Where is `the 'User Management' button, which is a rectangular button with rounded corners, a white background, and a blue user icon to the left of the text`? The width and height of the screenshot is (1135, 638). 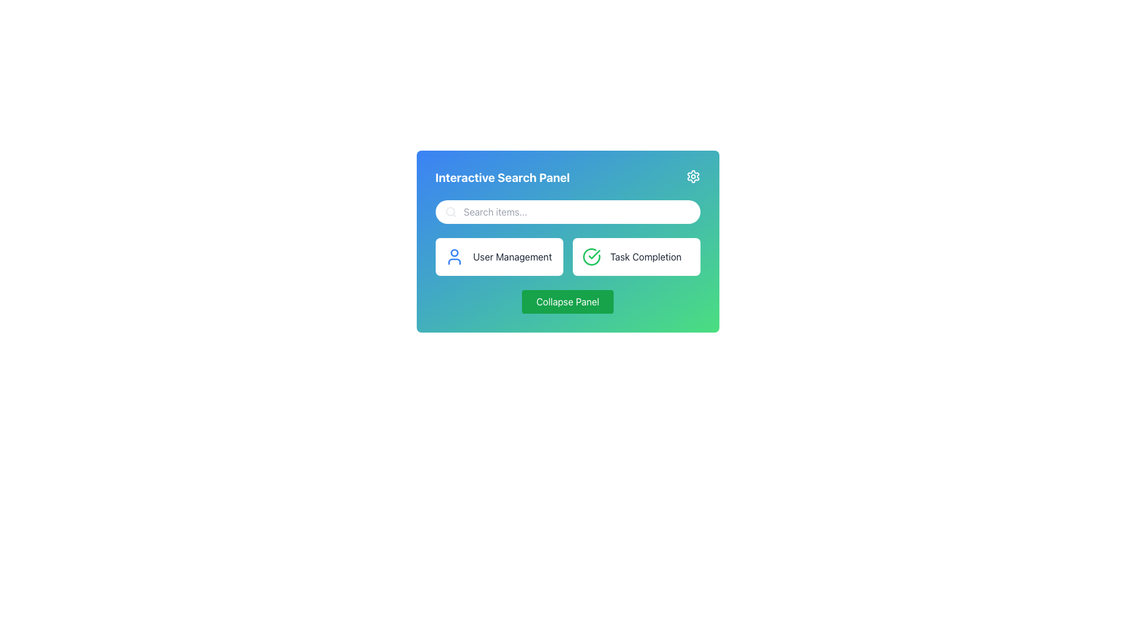 the 'User Management' button, which is a rectangular button with rounded corners, a white background, and a blue user icon to the left of the text is located at coordinates (499, 256).